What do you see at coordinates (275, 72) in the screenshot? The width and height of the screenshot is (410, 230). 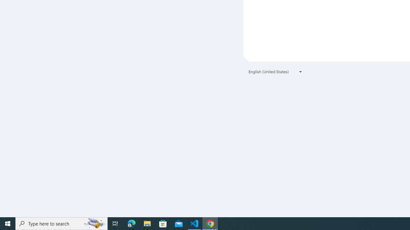 I see `'English (United States)'` at bounding box center [275, 72].